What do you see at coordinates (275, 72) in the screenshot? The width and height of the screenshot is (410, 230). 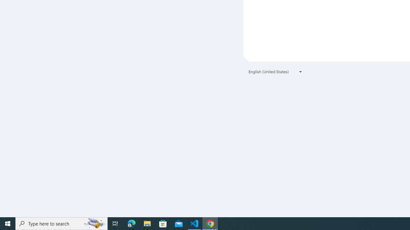 I see `'English (United States)'` at bounding box center [275, 72].